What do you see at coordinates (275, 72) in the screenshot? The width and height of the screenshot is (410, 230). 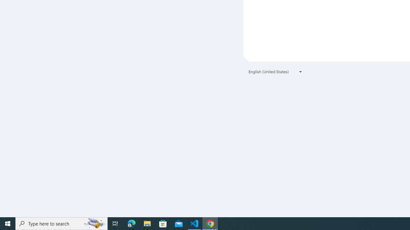 I see `'English (United States)'` at bounding box center [275, 72].